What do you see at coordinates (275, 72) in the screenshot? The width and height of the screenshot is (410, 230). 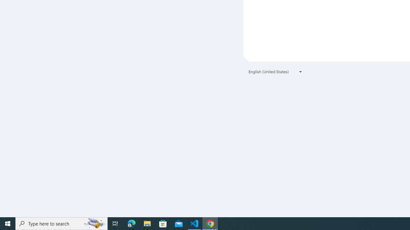 I see `'English (United States)'` at bounding box center [275, 72].